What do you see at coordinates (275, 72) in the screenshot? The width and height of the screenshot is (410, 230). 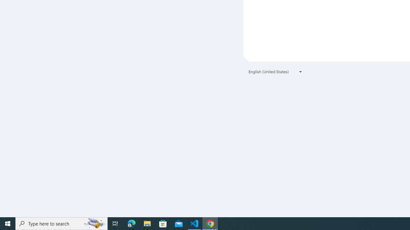 I see `'English (United States)'` at bounding box center [275, 72].